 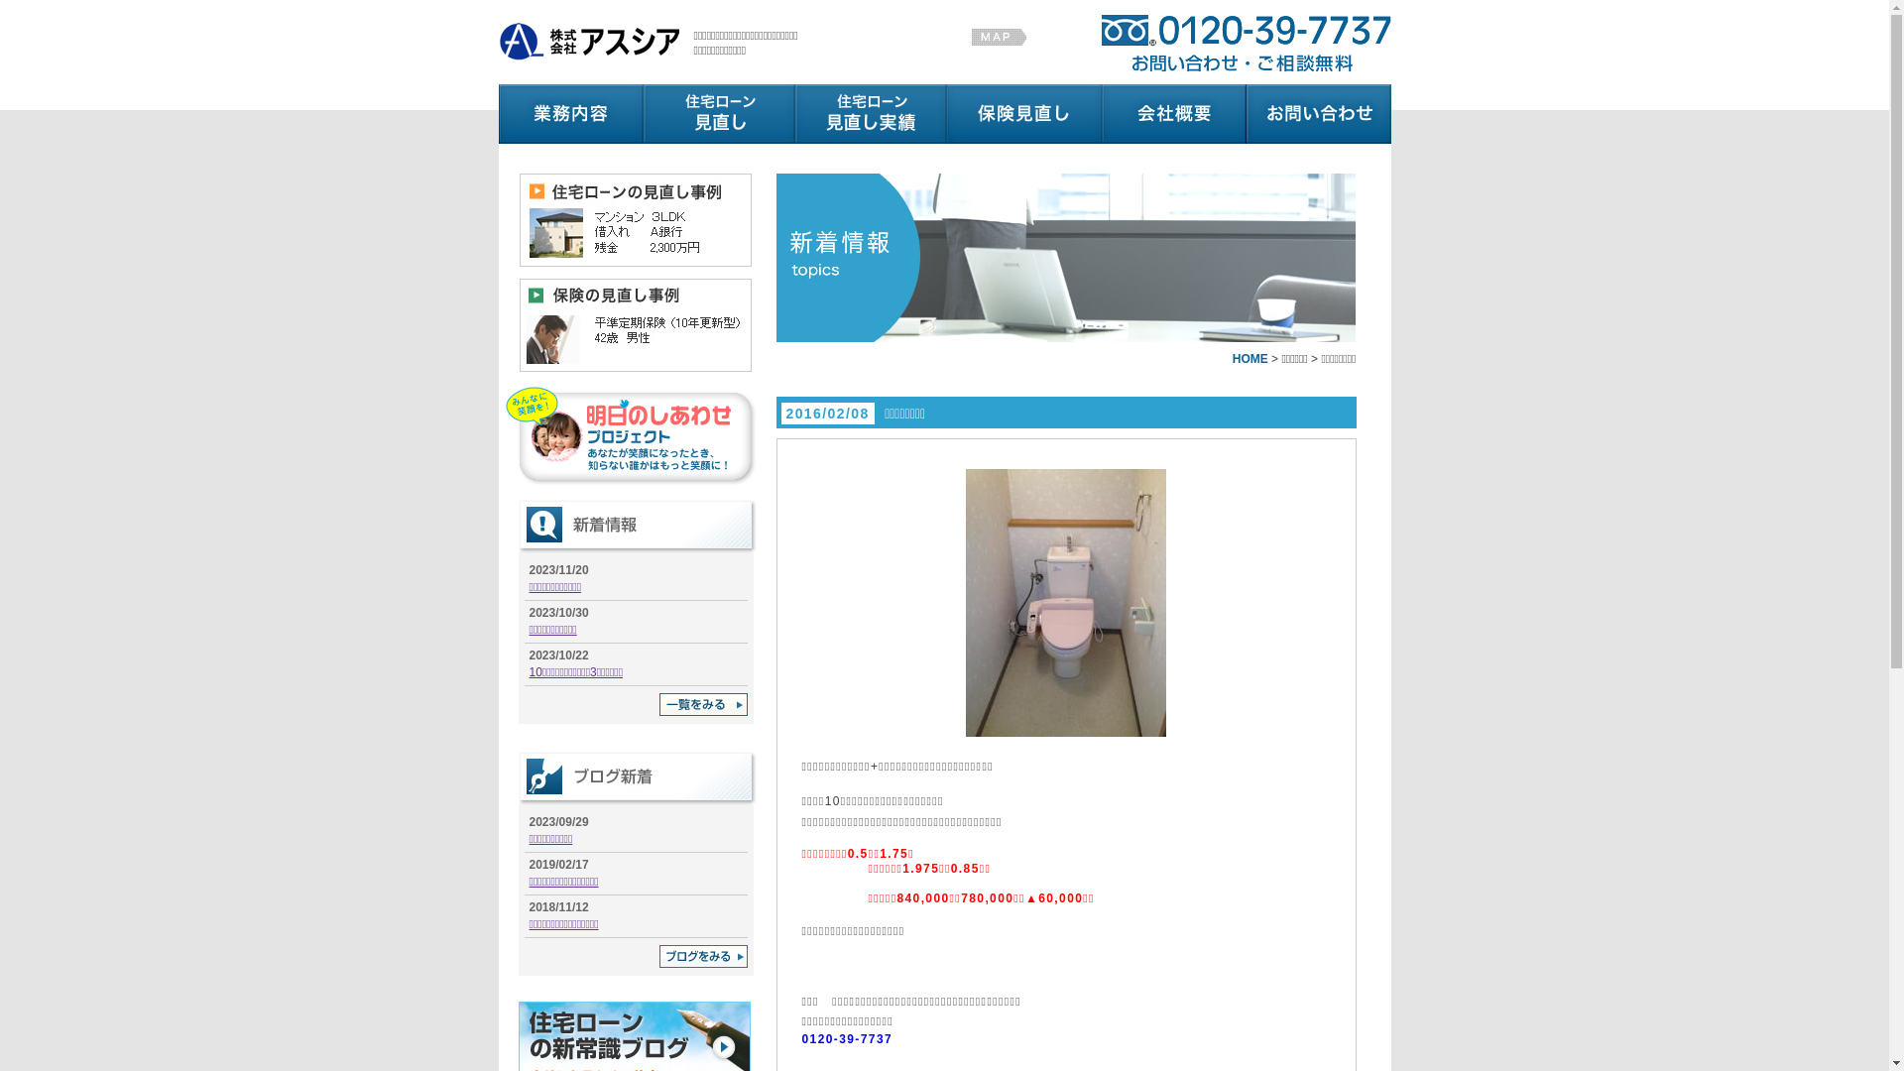 What do you see at coordinates (1249, 359) in the screenshot?
I see `'HOME'` at bounding box center [1249, 359].